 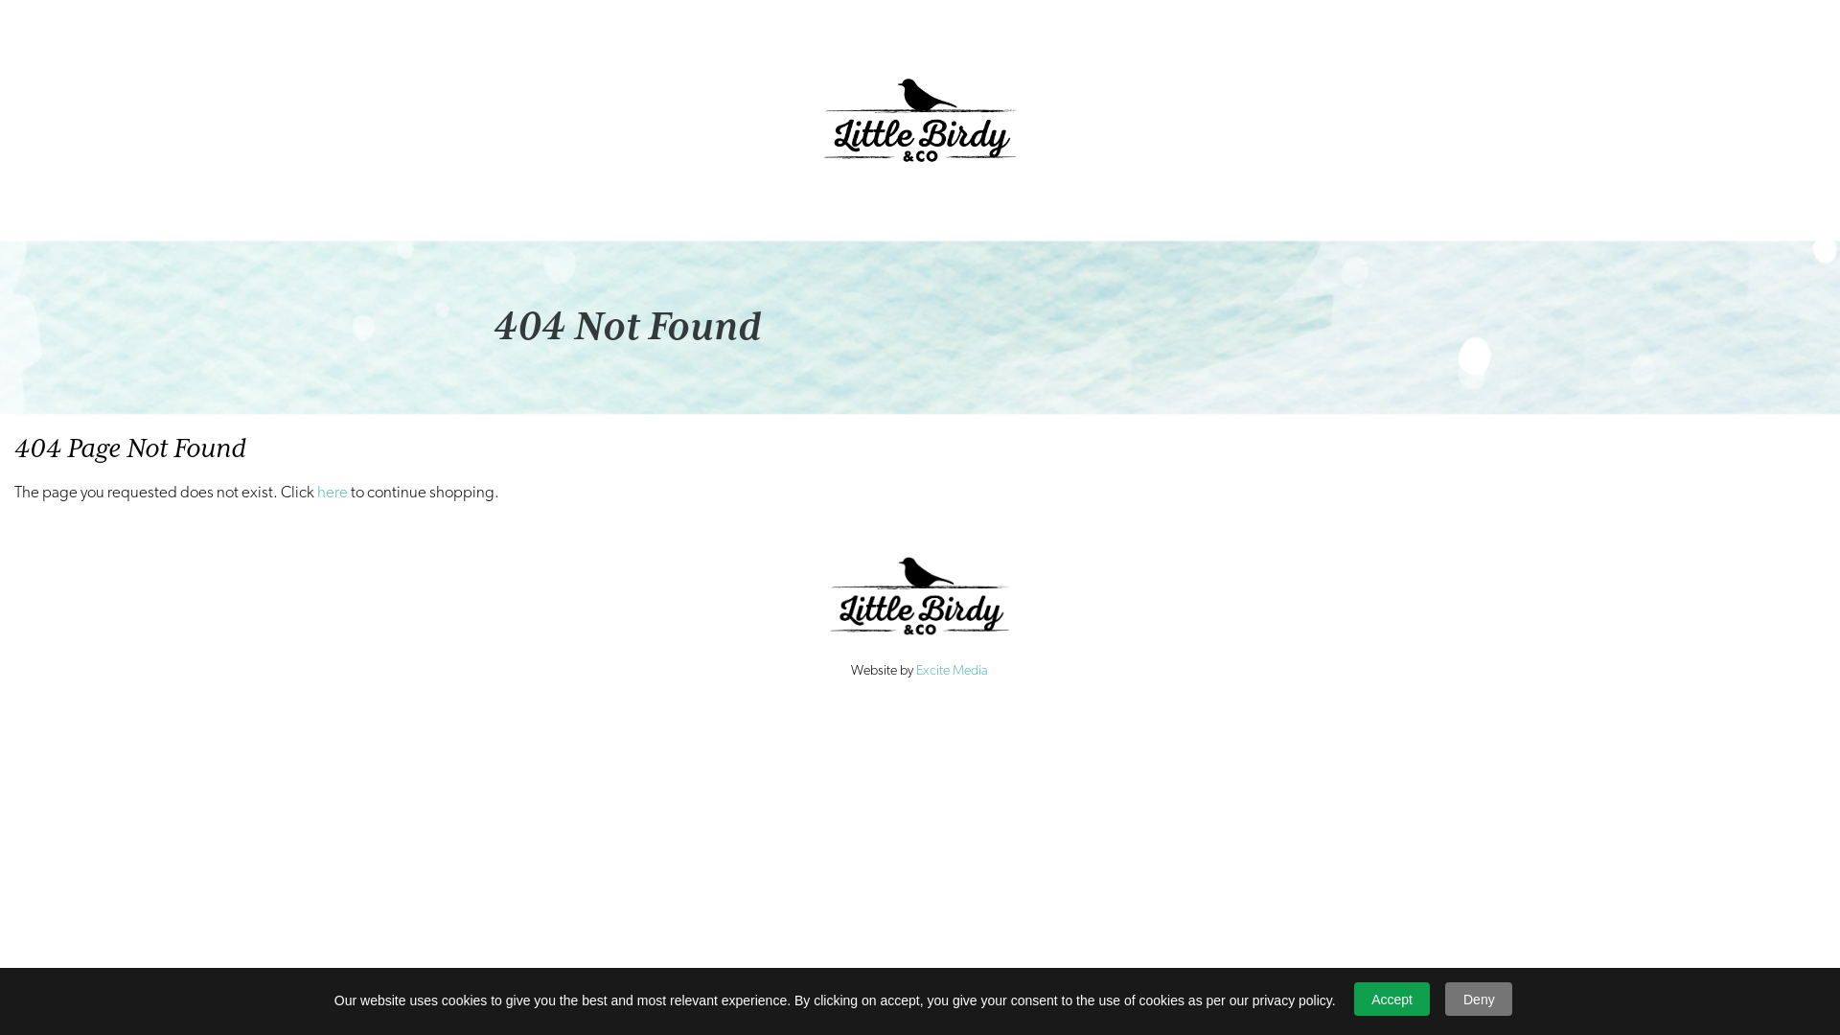 What do you see at coordinates (952, 670) in the screenshot?
I see `'Excite Media'` at bounding box center [952, 670].